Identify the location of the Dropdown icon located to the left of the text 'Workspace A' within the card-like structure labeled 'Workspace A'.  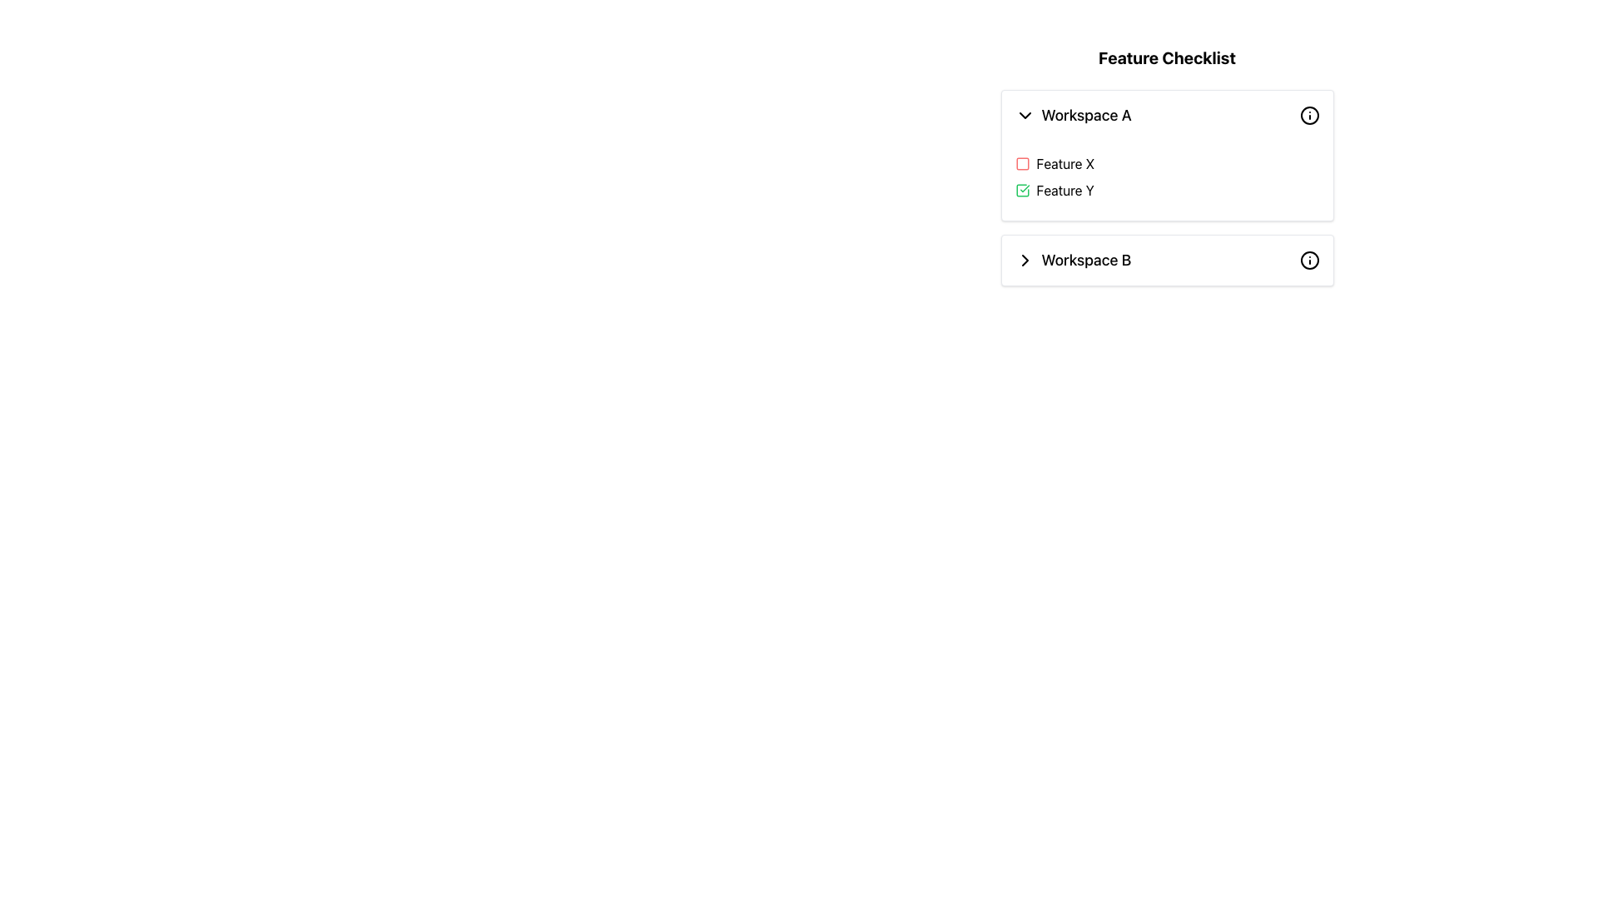
(1024, 114).